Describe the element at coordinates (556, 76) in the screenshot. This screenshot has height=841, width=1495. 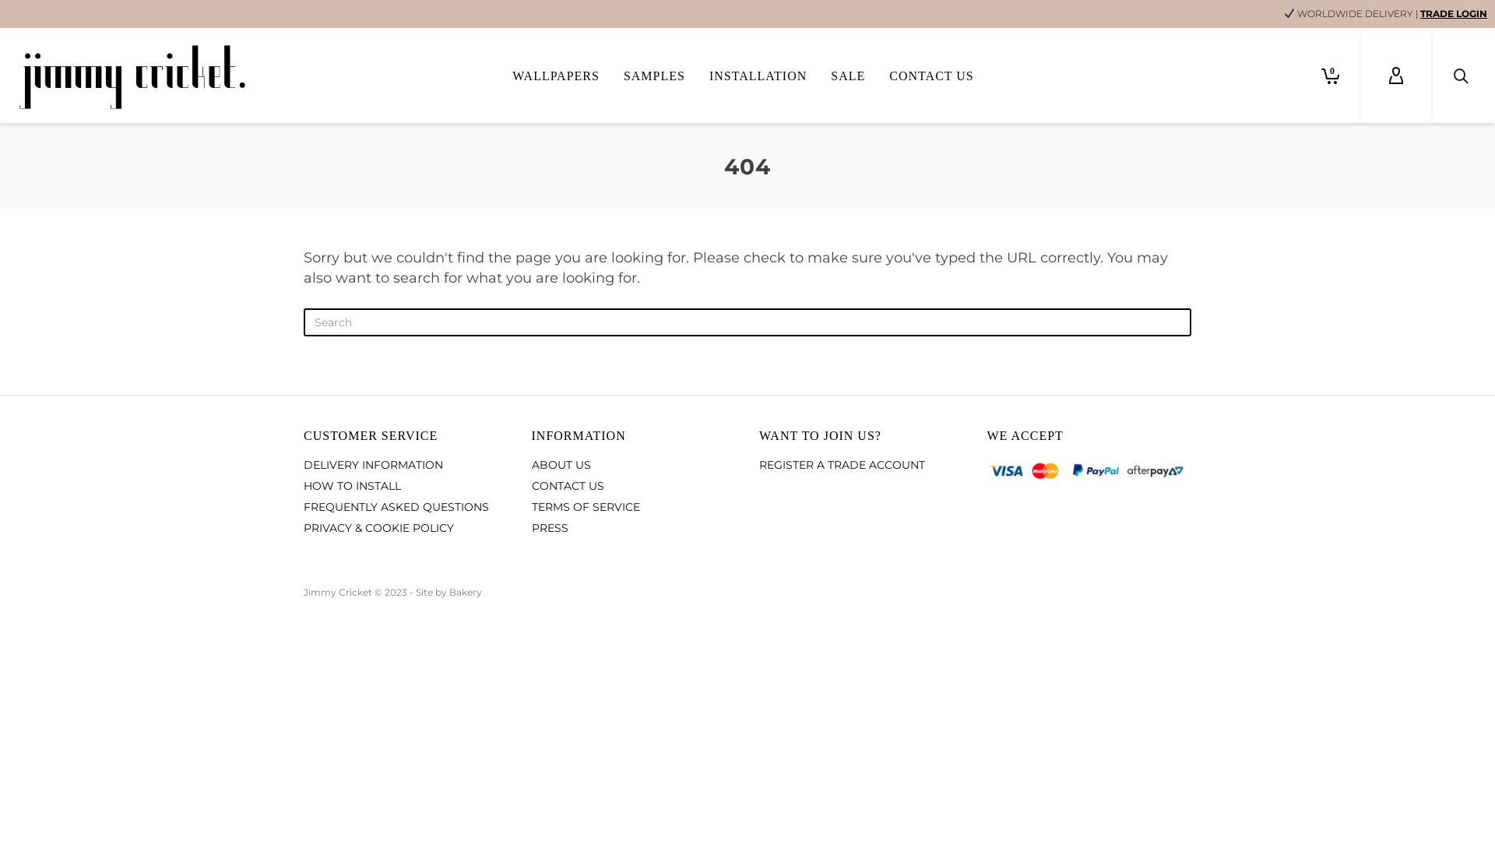
I see `'WALLPAPERS'` at that location.